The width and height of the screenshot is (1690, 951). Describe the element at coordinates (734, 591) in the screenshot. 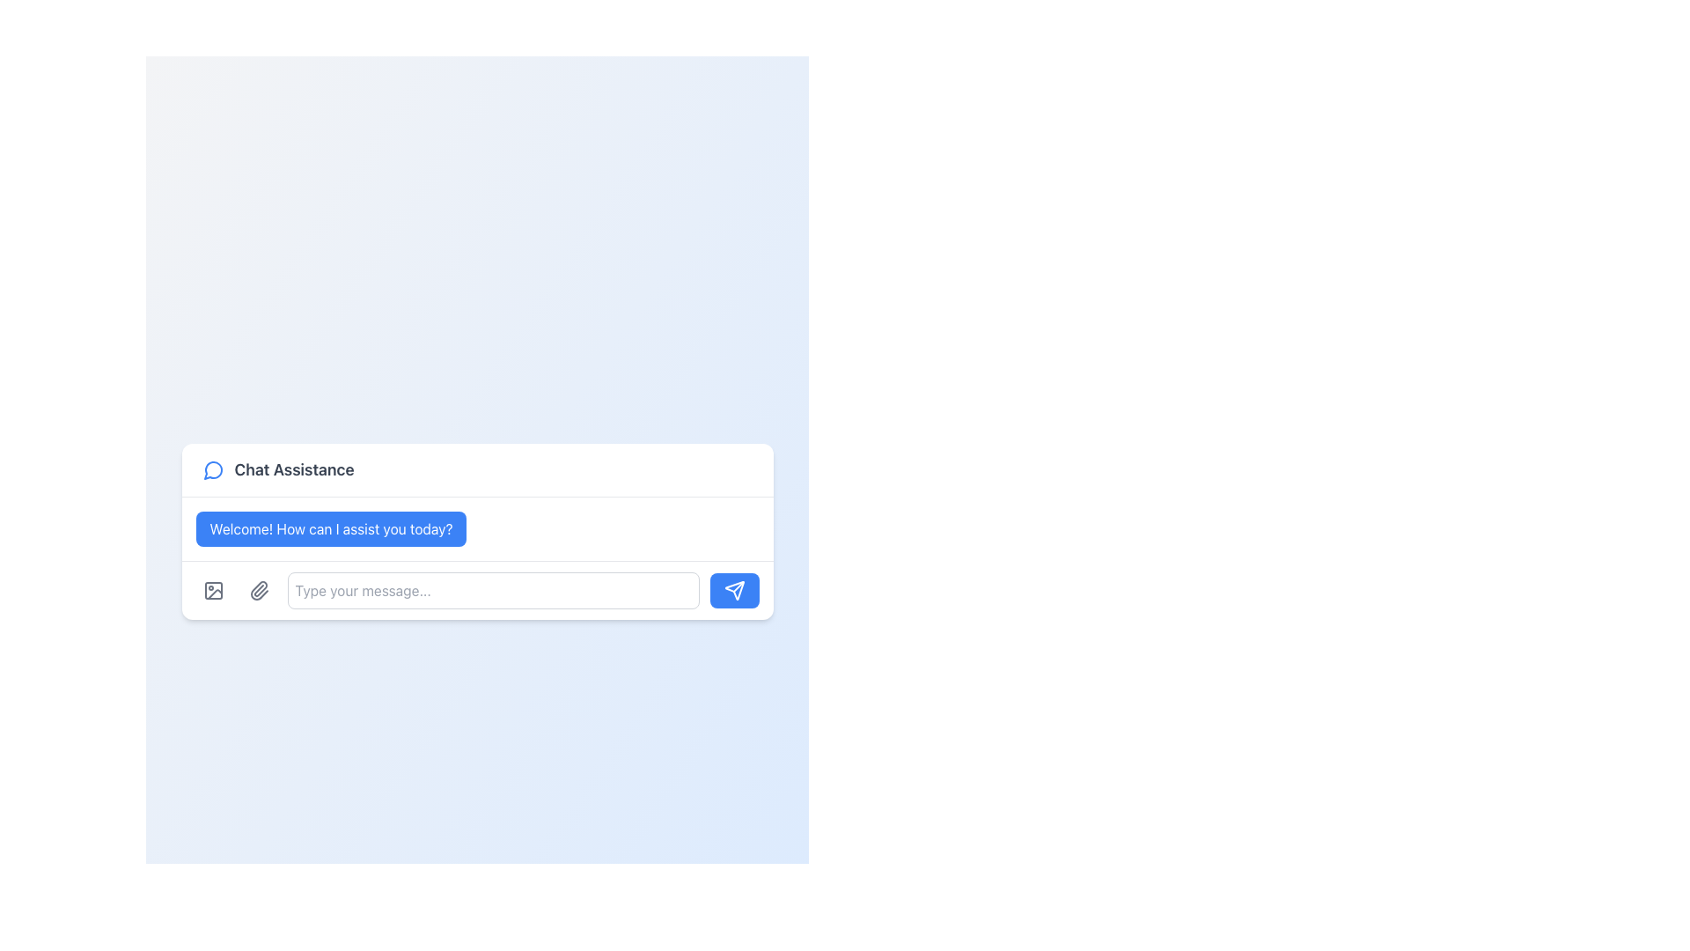

I see `the blue rounded rectangular button with a white paper plane icon` at that location.